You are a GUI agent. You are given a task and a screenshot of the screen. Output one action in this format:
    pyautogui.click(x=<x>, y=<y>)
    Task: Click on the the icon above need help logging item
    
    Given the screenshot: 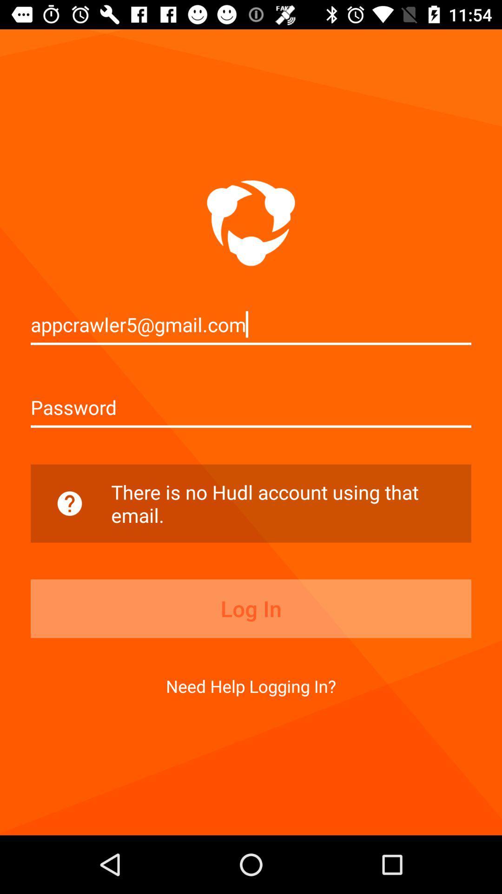 What is the action you would take?
    pyautogui.click(x=251, y=609)
    